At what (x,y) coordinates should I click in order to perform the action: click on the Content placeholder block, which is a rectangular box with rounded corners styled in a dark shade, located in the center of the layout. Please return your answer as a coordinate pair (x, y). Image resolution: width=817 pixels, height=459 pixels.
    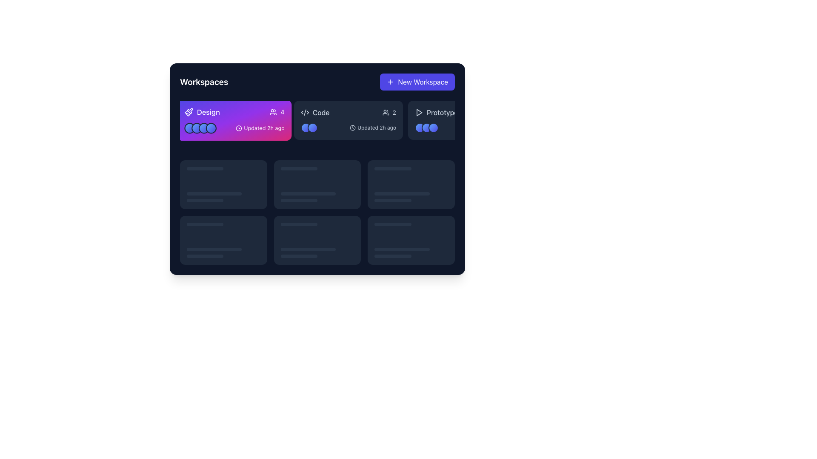
    Looking at the image, I should click on (317, 169).